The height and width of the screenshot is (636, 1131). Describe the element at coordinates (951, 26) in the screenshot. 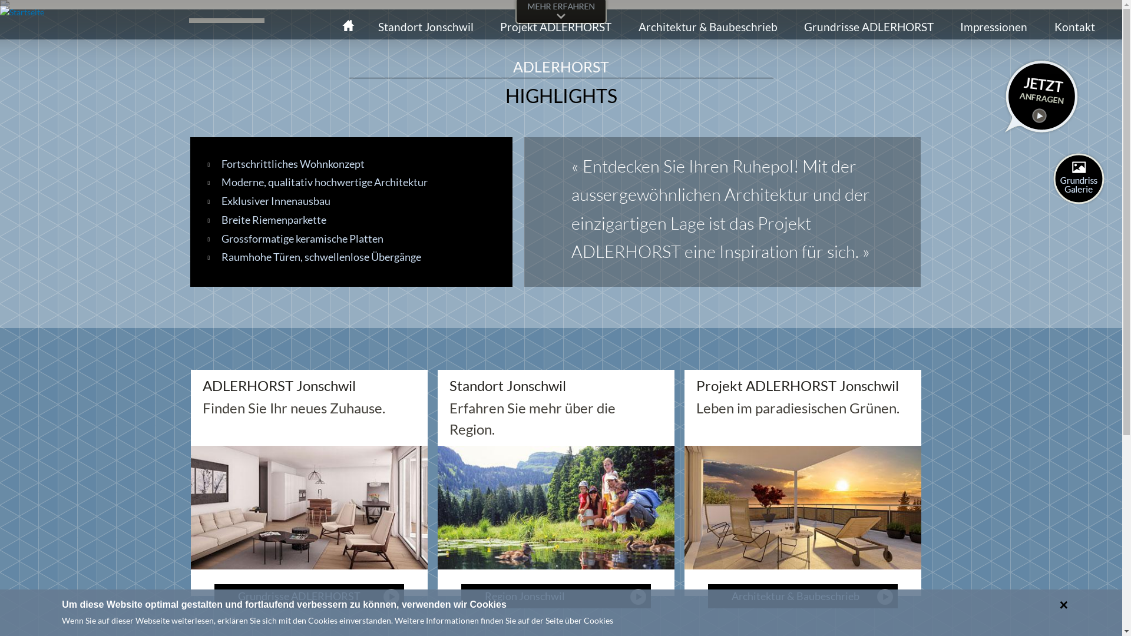

I see `'Impressionen'` at that location.